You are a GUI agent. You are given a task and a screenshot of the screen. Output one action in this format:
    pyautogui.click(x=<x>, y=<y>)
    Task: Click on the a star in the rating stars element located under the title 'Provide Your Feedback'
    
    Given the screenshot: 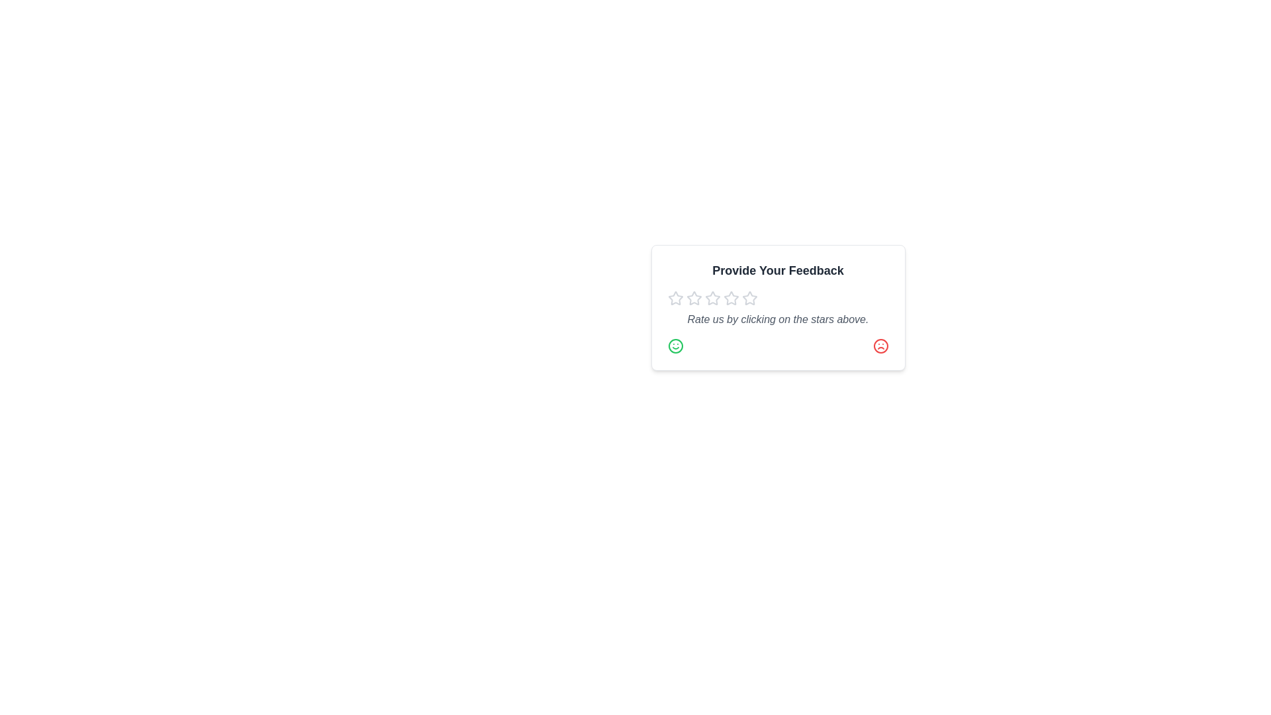 What is the action you would take?
    pyautogui.click(x=778, y=299)
    